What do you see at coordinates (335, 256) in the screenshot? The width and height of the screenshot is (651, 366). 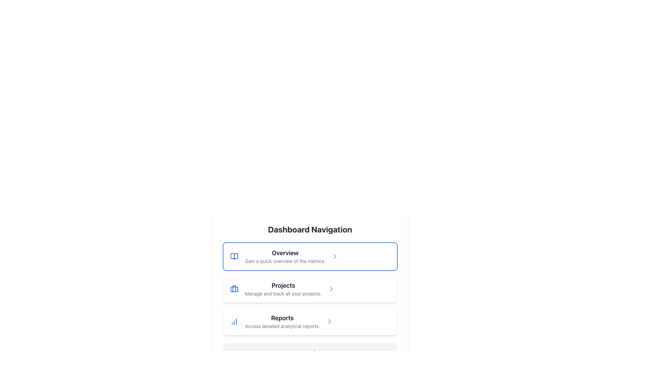 I see `the navigation icon located at the far-right edge of the 'Overview' list item in the Dashboard Navigation menu` at bounding box center [335, 256].